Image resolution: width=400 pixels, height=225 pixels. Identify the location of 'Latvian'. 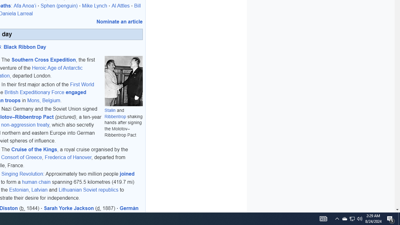
(39, 190).